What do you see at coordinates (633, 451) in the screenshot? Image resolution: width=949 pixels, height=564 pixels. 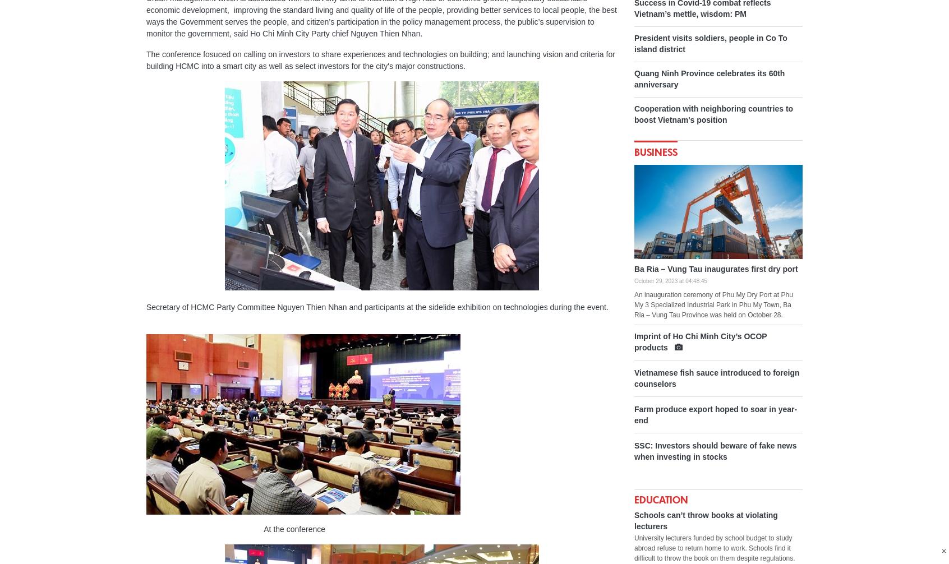 I see `'SSC: Investors should beware of fake news when investing in stocks'` at bounding box center [633, 451].